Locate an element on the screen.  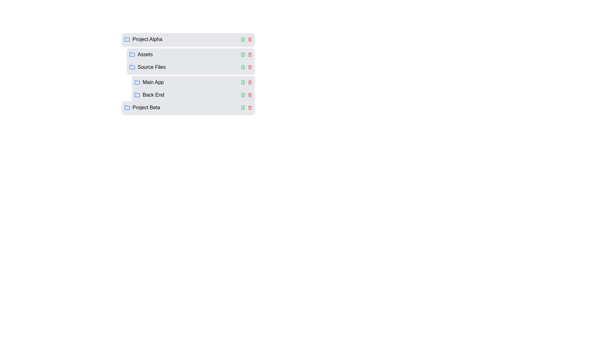
the green file icon with a plus sign is located at coordinates (242, 82).